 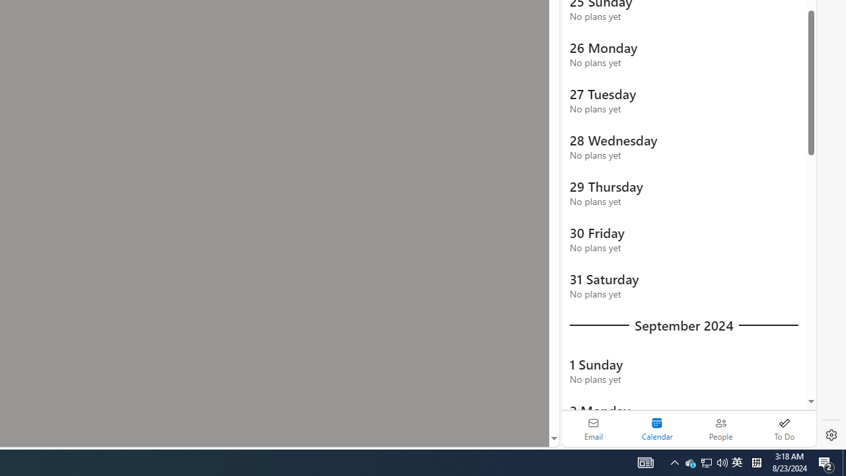 I want to click on 'To Do', so click(x=784, y=428).